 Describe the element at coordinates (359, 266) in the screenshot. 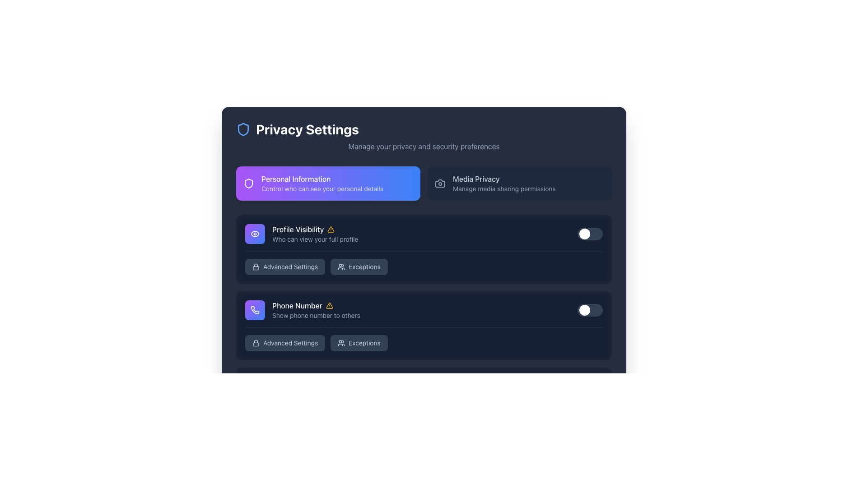

I see `the 'Exceptions' button, which is the second button in the privacy settings layout` at that location.